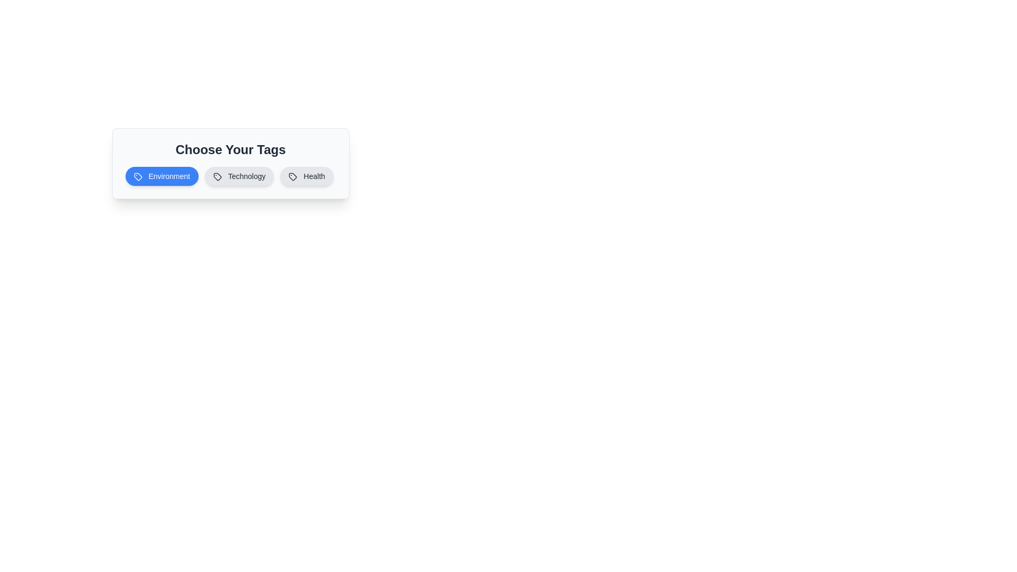 The image size is (1017, 572). What do you see at coordinates (161, 175) in the screenshot?
I see `the tag labeled Environment` at bounding box center [161, 175].